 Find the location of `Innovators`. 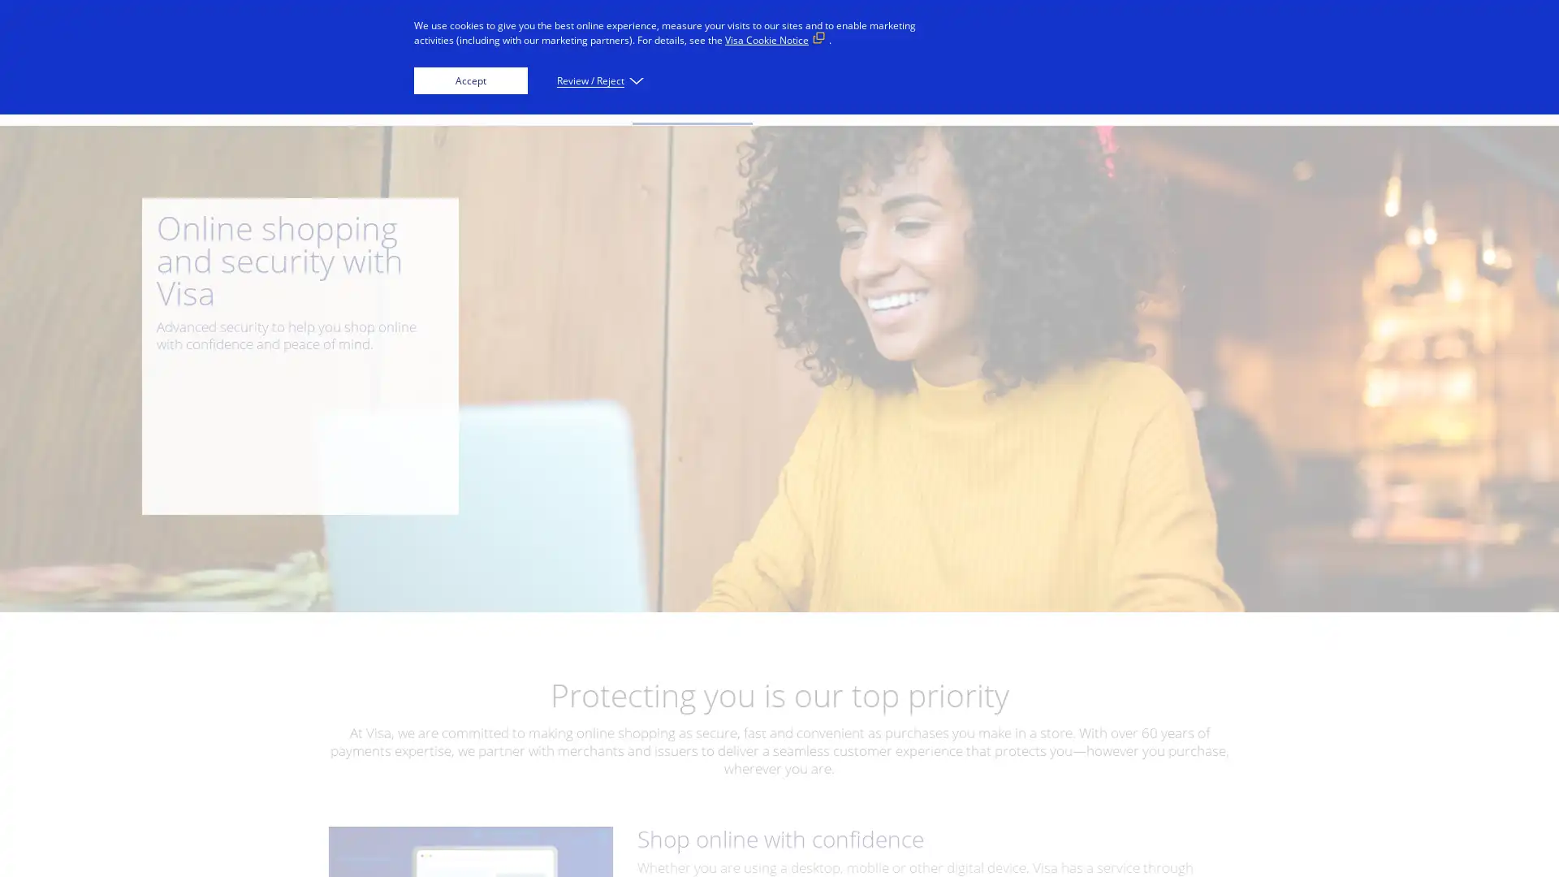

Innovators is located at coordinates (883, 43).